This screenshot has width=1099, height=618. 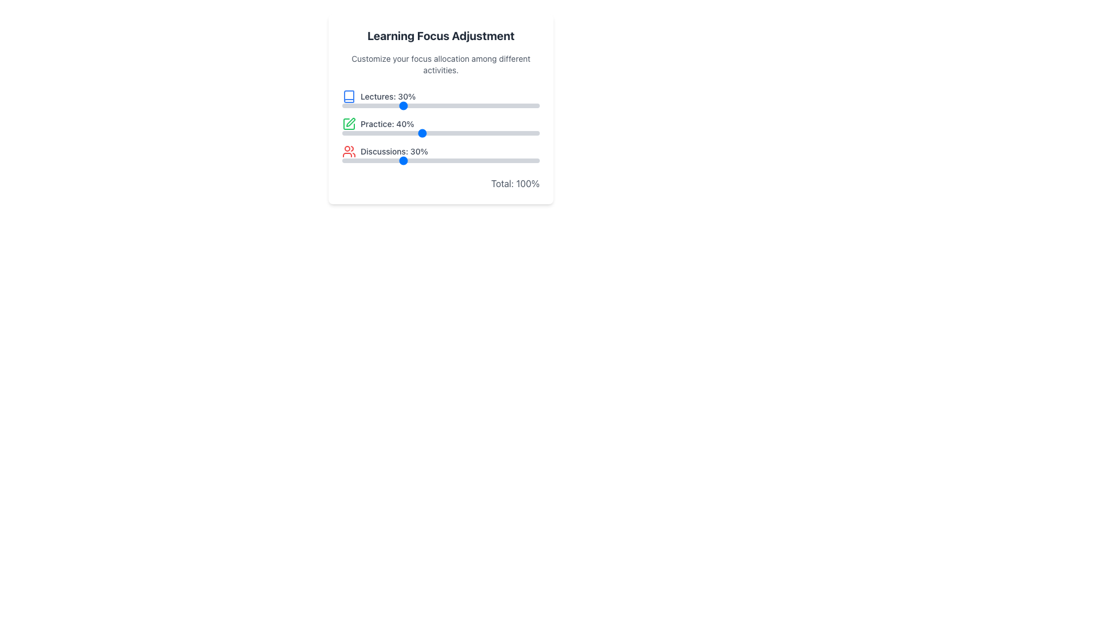 I want to click on the 'Practice' slider, so click(x=498, y=132).